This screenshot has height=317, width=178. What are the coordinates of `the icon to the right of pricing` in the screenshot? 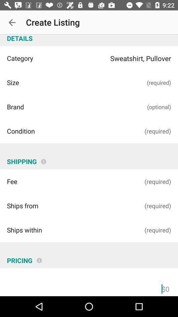 It's located at (39, 258).